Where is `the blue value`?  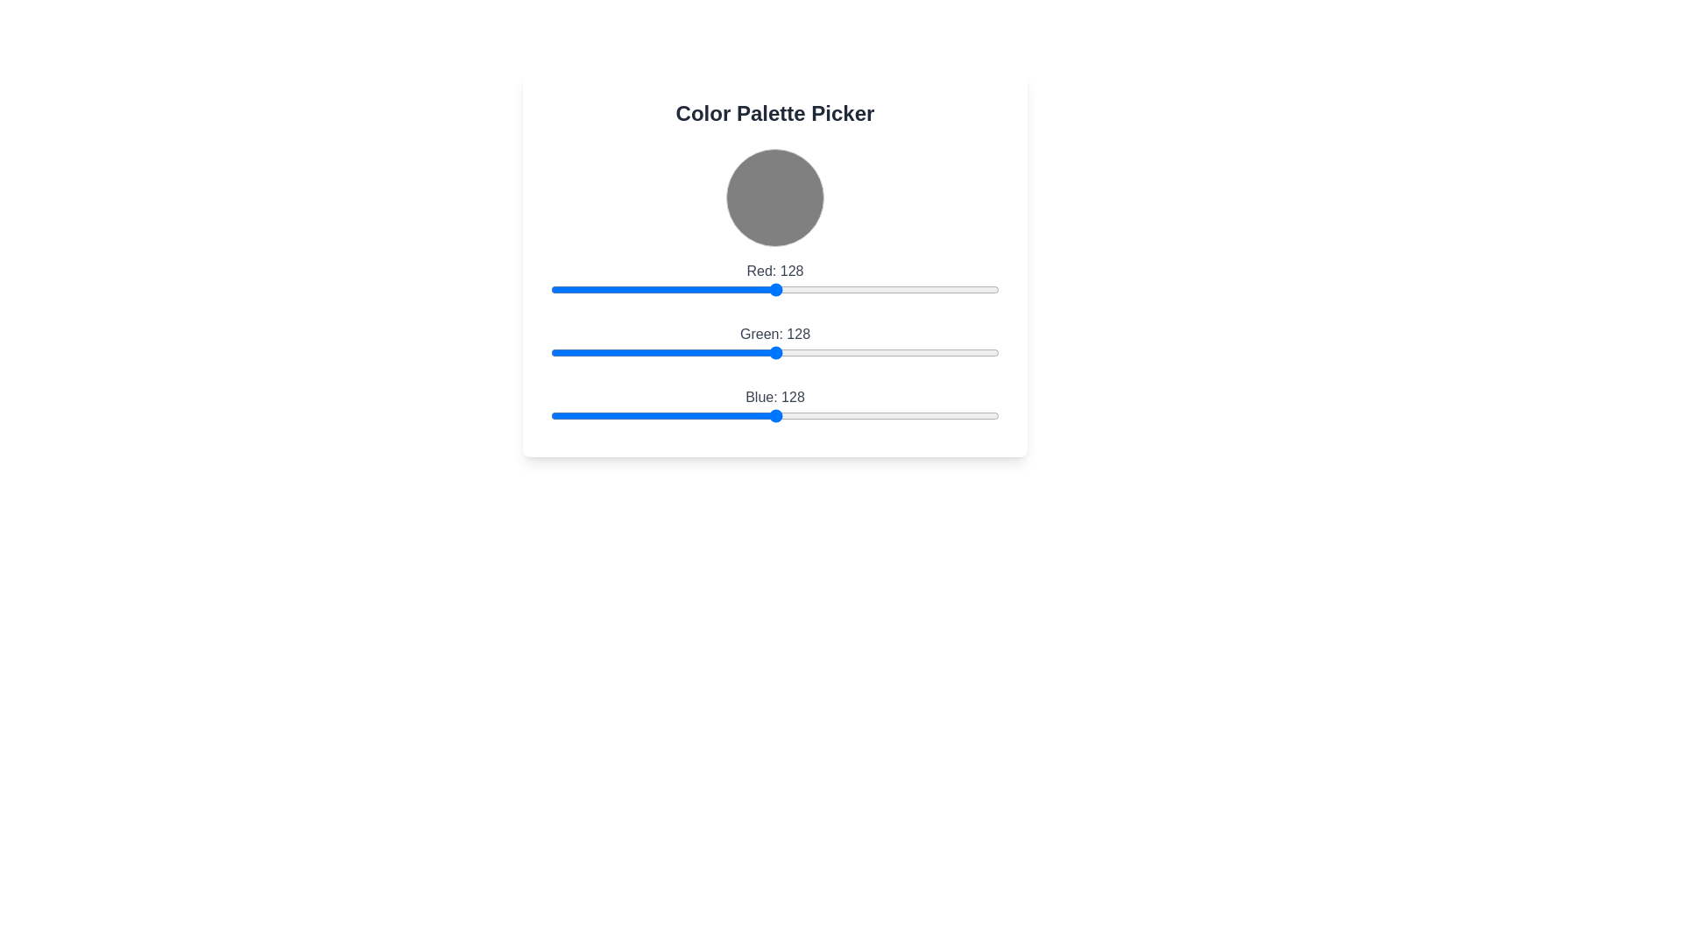 the blue value is located at coordinates (963, 415).